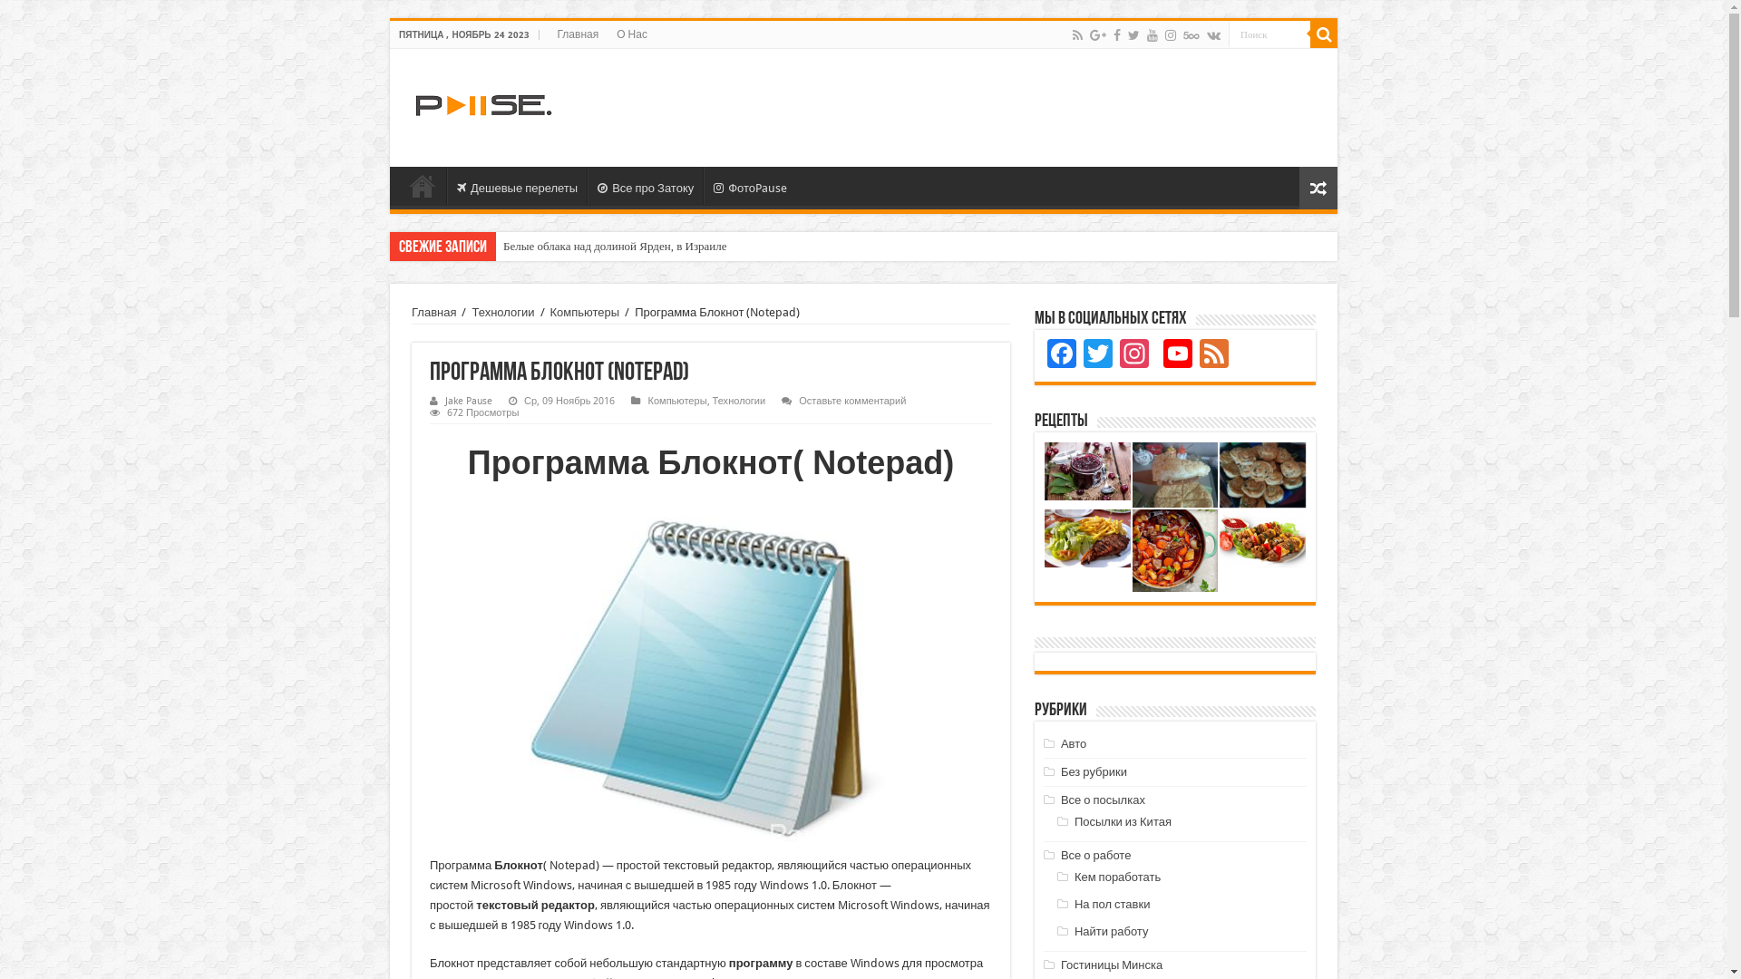 Image resolution: width=1741 pixels, height=979 pixels. What do you see at coordinates (1191, 34) in the screenshot?
I see `'500px'` at bounding box center [1191, 34].